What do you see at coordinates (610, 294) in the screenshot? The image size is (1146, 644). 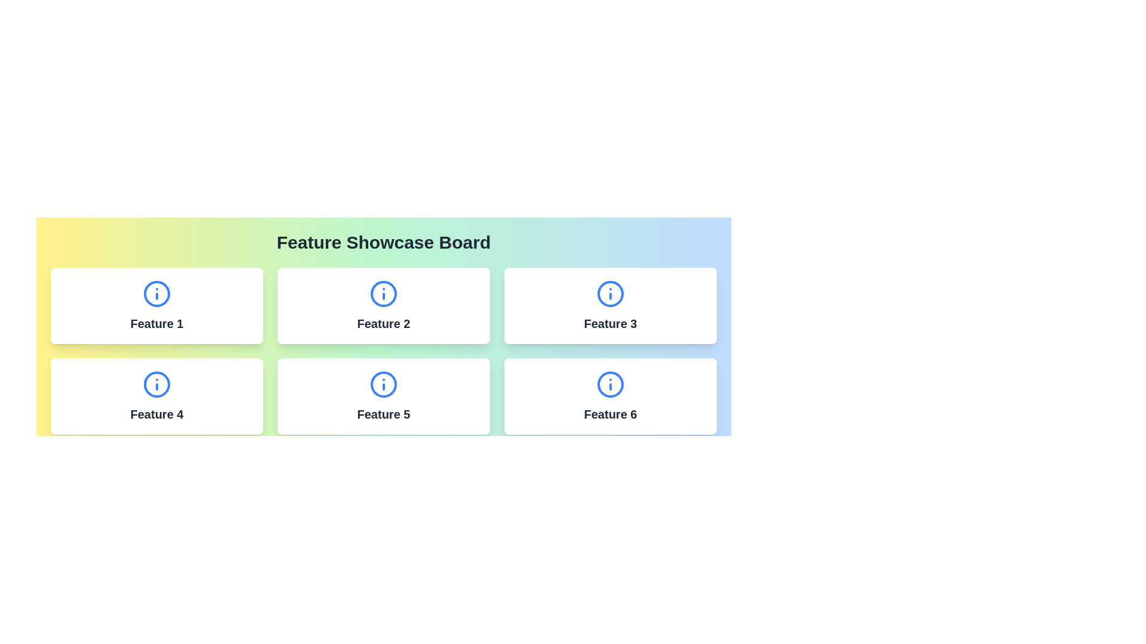 I see `the circular blue information icon located at the top-center of the card titled 'Feature 3', which is positioned in the top row, third from the left in a grid layout` at bounding box center [610, 294].